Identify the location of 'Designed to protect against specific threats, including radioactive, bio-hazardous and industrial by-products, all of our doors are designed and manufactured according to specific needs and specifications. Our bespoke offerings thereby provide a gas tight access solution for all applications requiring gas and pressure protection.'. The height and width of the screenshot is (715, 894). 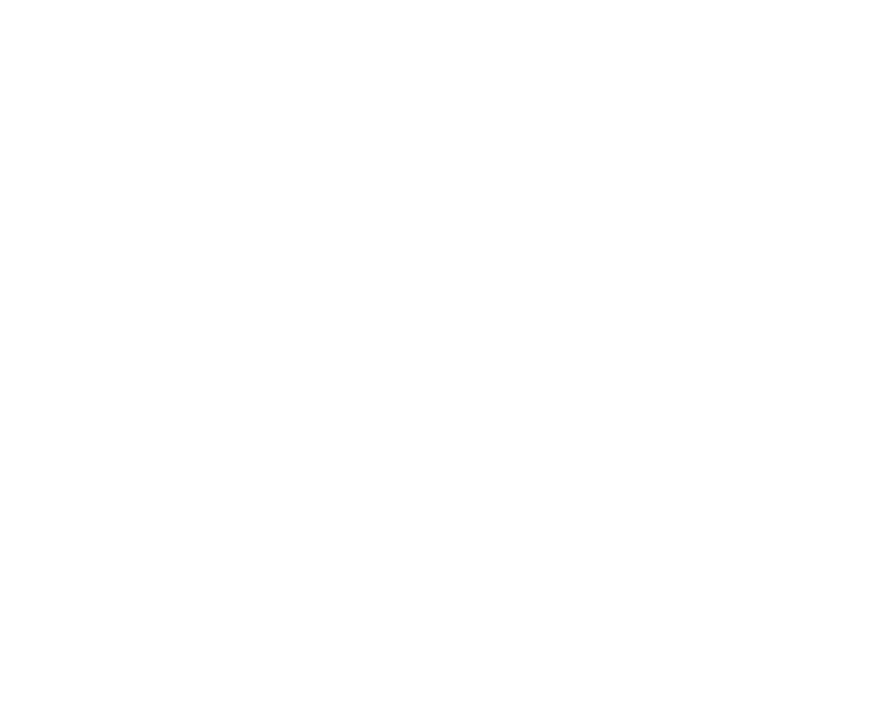
(452, 104).